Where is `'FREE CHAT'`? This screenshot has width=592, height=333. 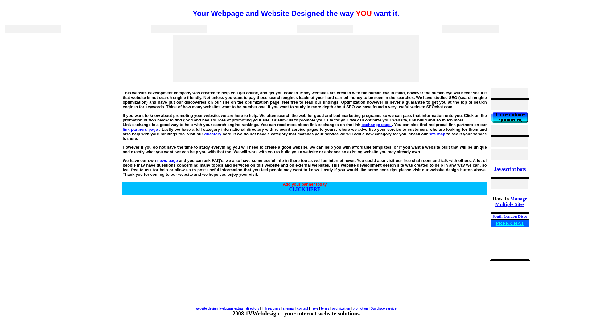 'FREE CHAT' is located at coordinates (496, 223).